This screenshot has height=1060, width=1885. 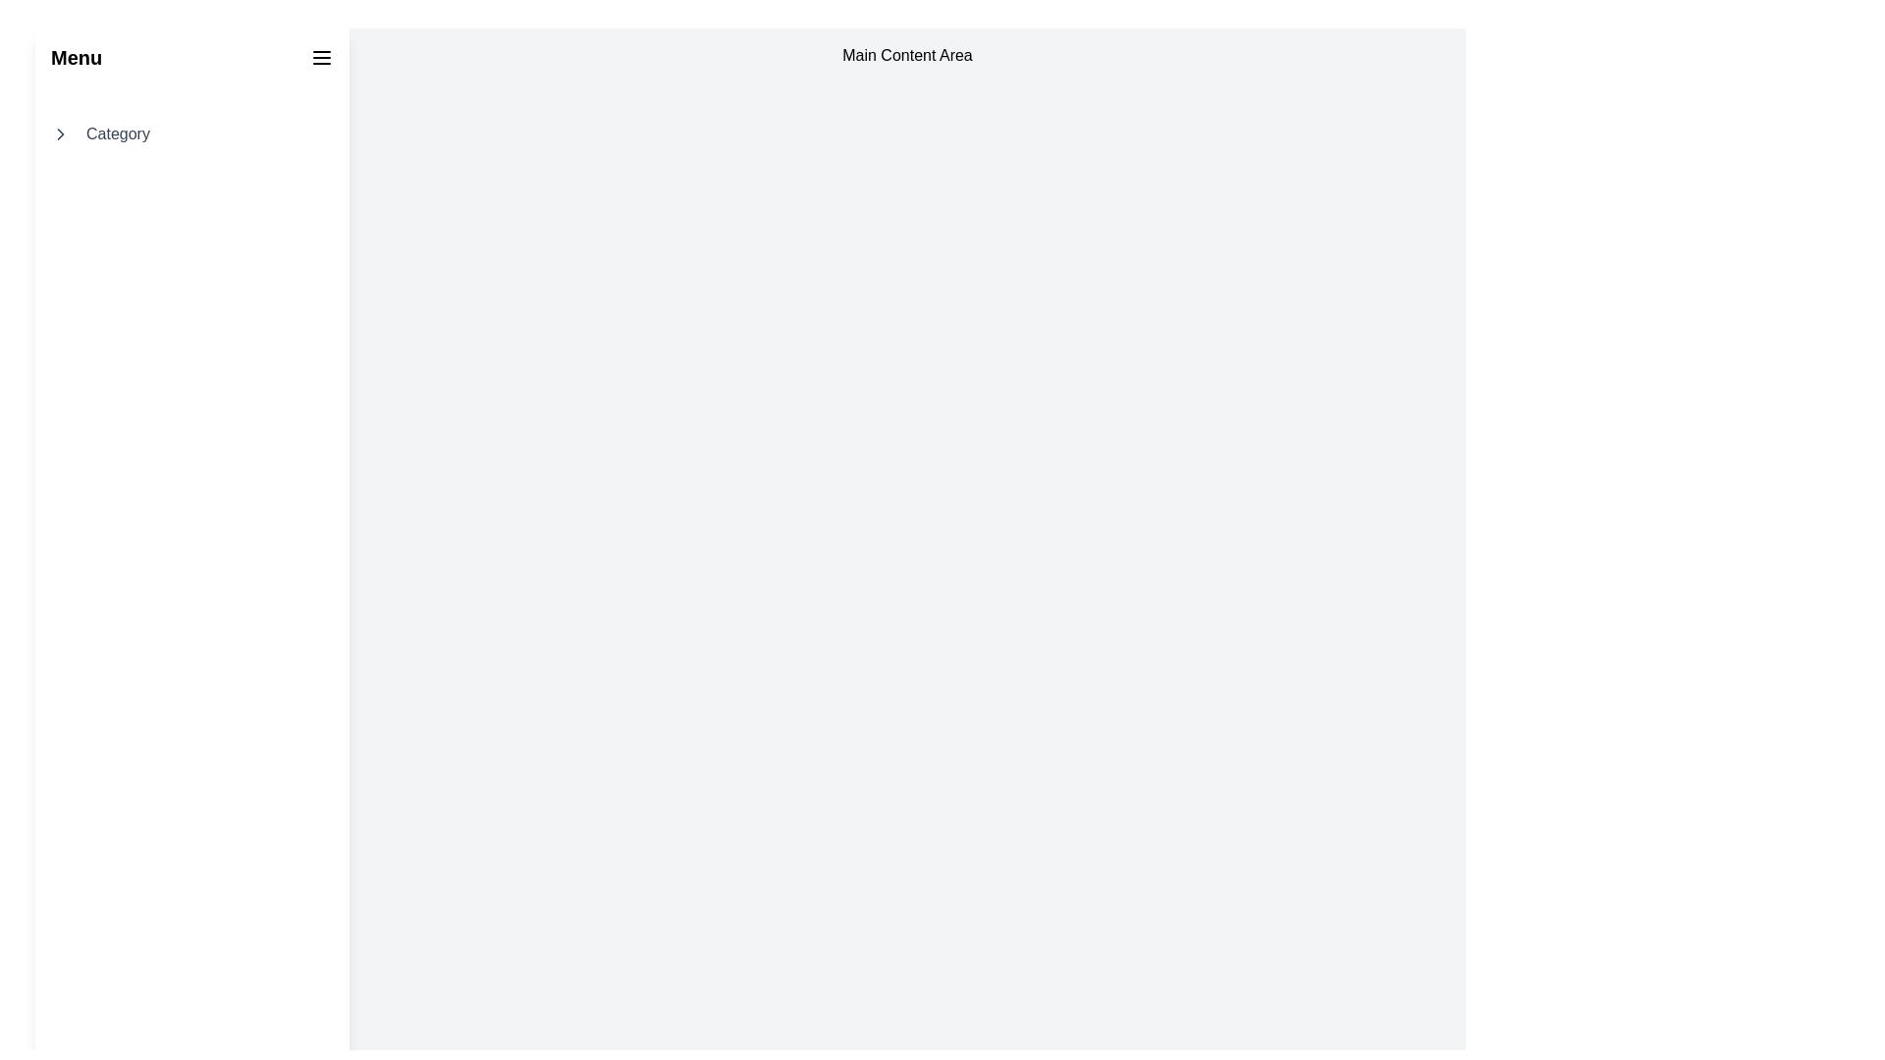 I want to click on the main text label of the menu item in the left sidebar, so click(x=117, y=133).